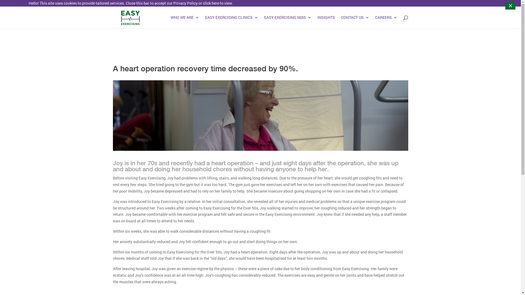  Describe the element at coordinates (287, 22) in the screenshot. I see `'EASY EXERCISING NDIS'` at that location.